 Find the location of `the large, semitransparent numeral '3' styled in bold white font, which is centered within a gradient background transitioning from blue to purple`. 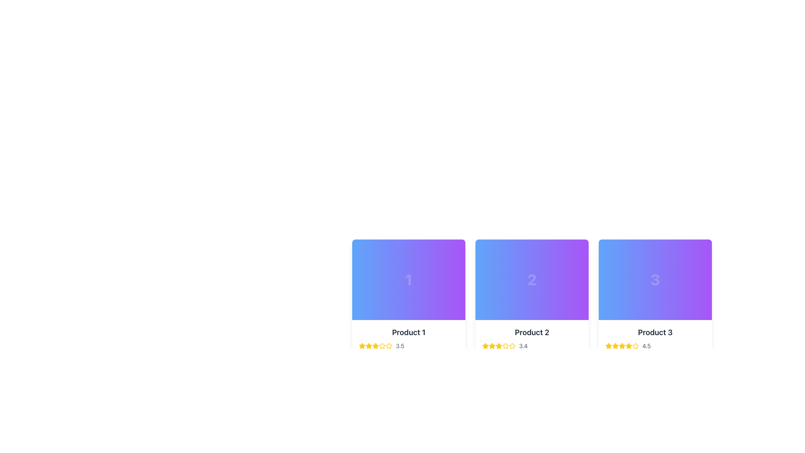

the large, semitransparent numeral '3' styled in bold white font, which is centered within a gradient background transitioning from blue to purple is located at coordinates (655, 280).